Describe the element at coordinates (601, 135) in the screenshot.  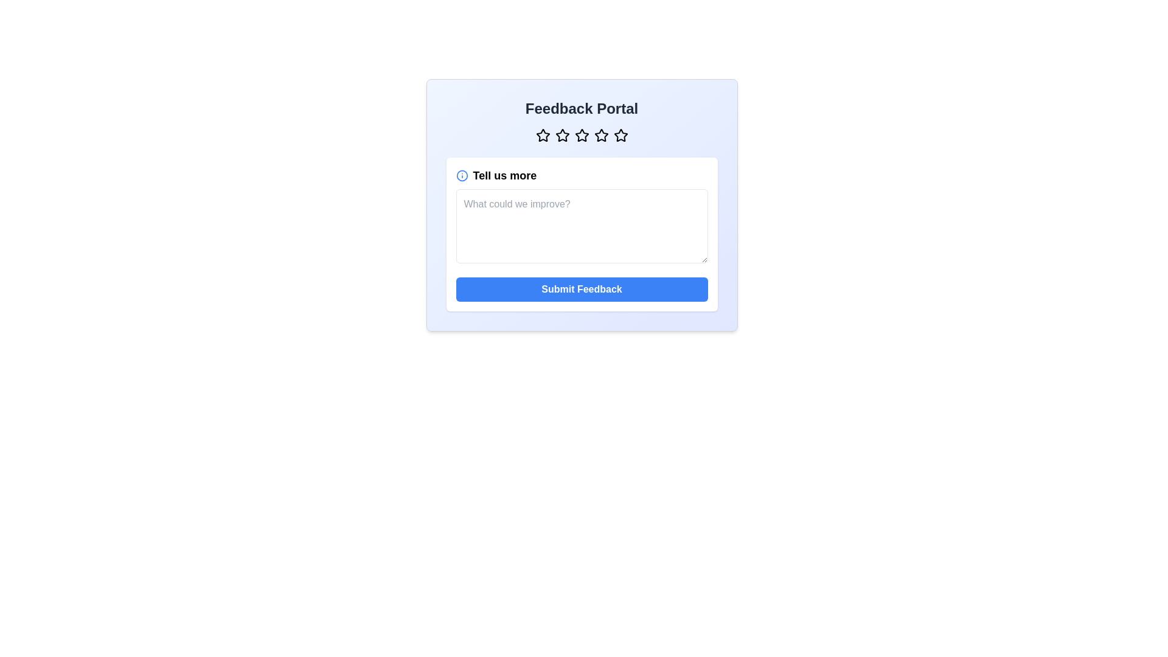
I see `the fourth star icon in the horizontal sequence of five star icons` at that location.